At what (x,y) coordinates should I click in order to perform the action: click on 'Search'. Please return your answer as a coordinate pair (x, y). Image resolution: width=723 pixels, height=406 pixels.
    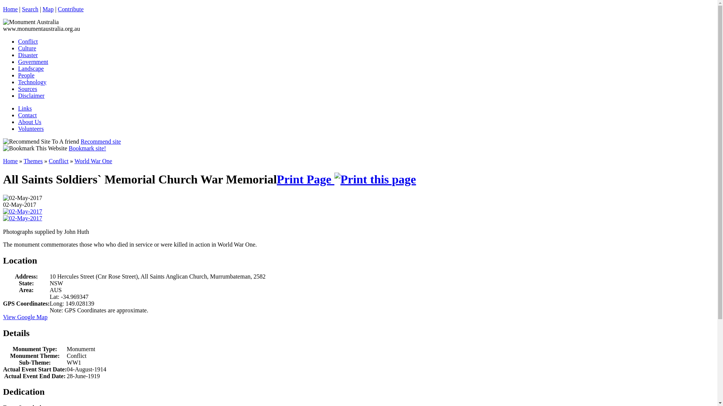
    Looking at the image, I should click on (30, 9).